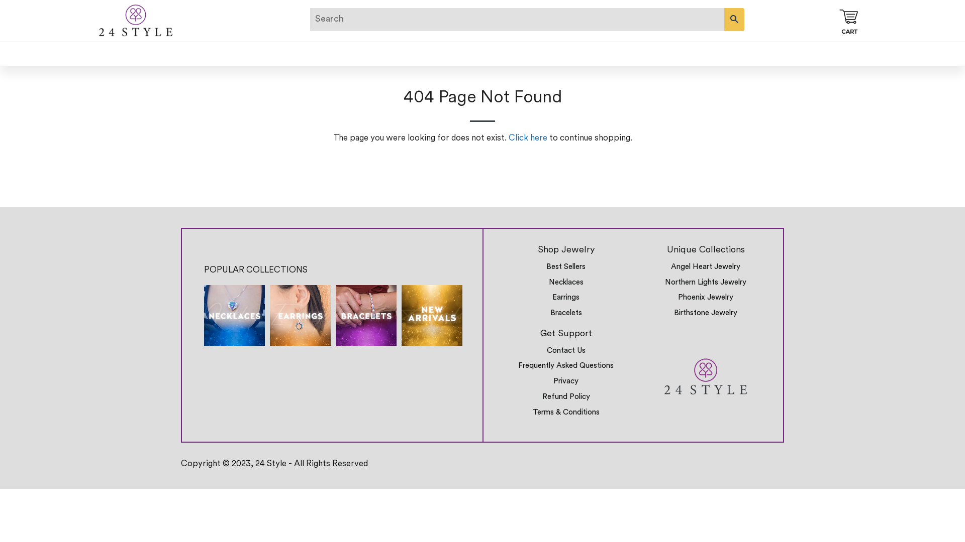  Describe the element at coordinates (566, 366) in the screenshot. I see `'Frequently Asked Questions'` at that location.